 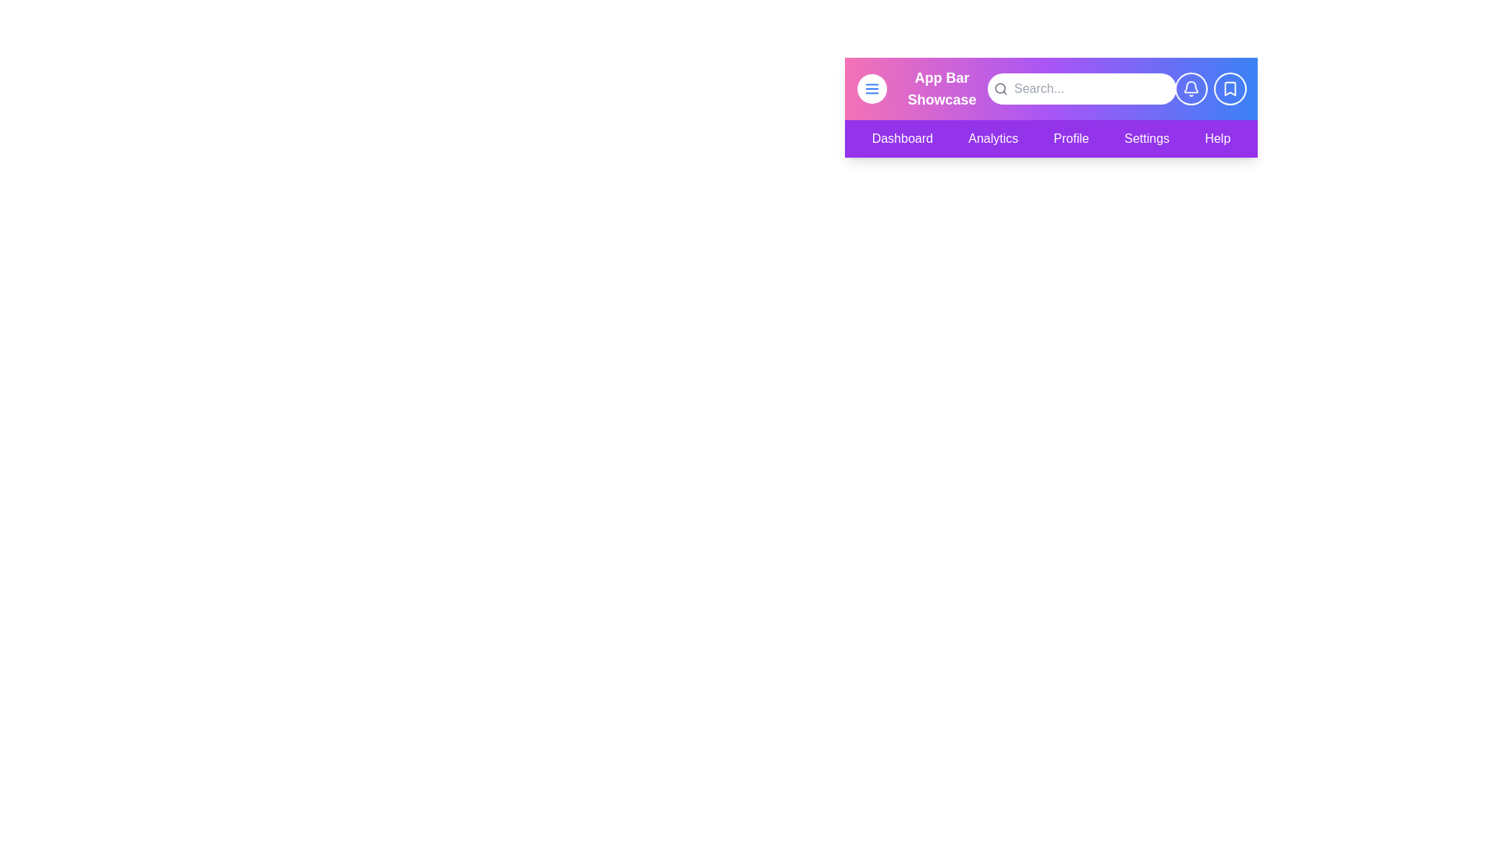 I want to click on the menu item Profile from the navigation bar, so click(x=1070, y=137).